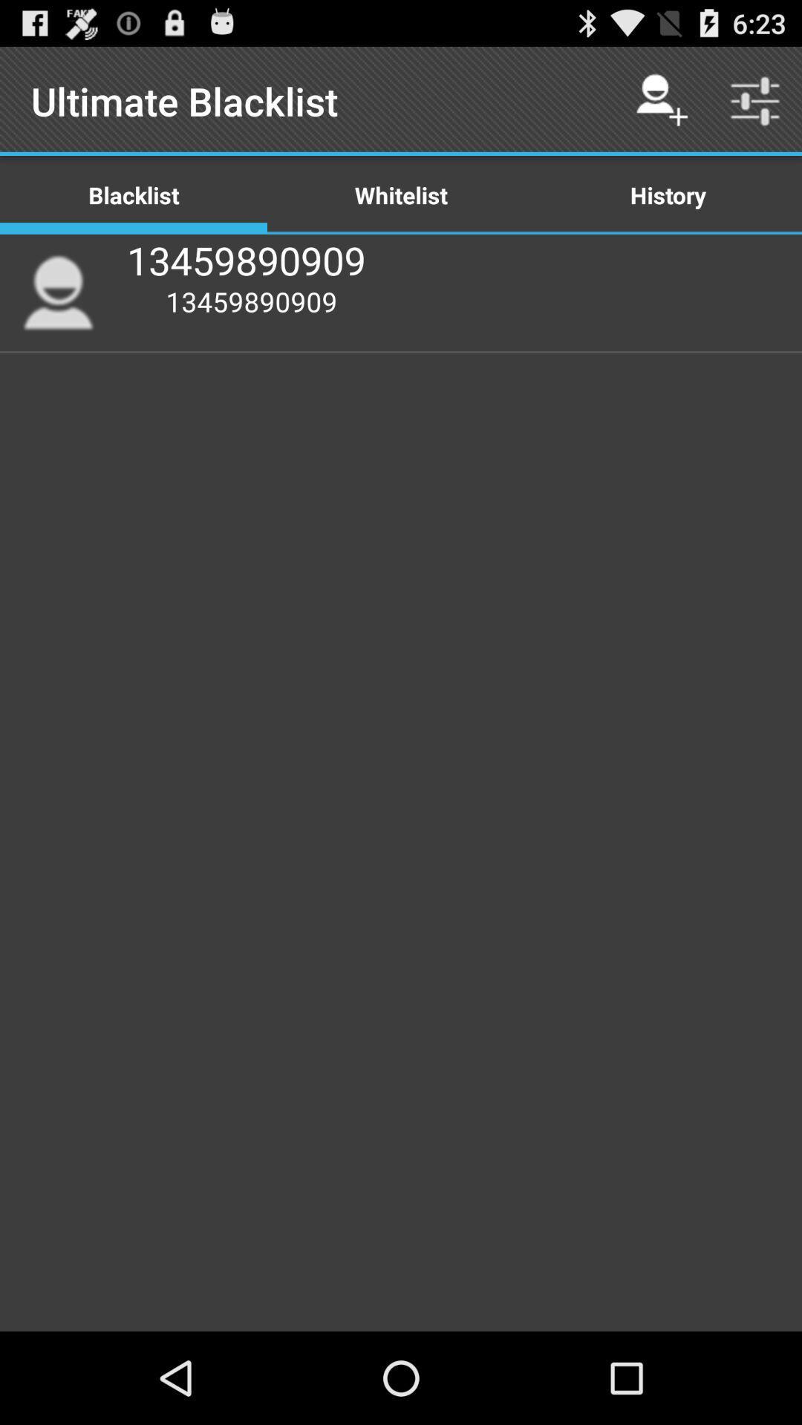 The image size is (802, 1425). Describe the element at coordinates (401, 194) in the screenshot. I see `the whitelist item` at that location.